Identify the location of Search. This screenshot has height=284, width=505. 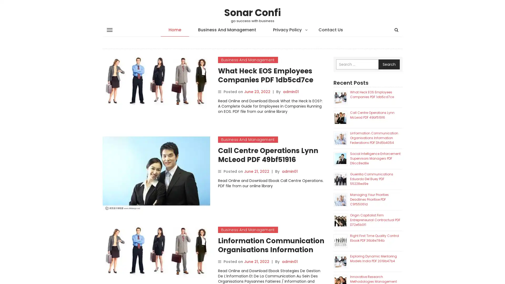
(389, 64).